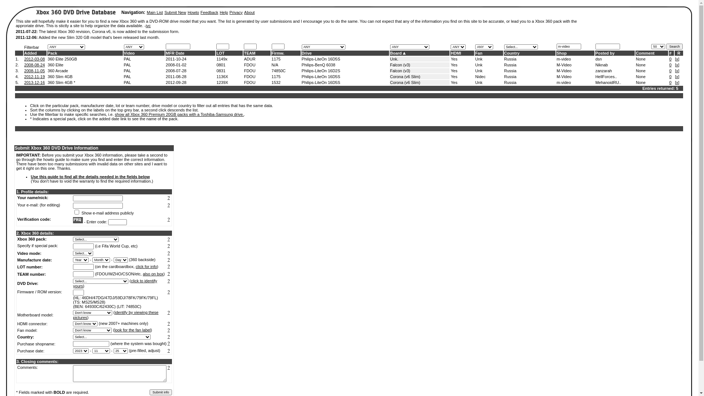  Describe the element at coordinates (244, 12) in the screenshot. I see `'About'` at that location.